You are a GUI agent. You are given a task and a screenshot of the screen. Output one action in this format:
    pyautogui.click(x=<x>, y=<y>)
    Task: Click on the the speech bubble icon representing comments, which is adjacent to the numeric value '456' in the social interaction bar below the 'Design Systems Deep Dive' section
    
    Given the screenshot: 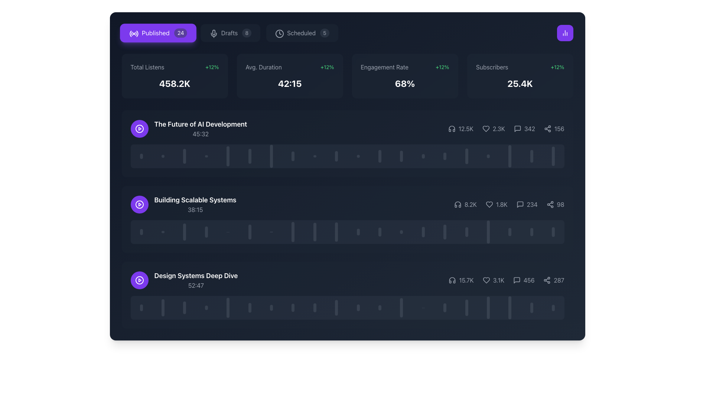 What is the action you would take?
    pyautogui.click(x=517, y=280)
    